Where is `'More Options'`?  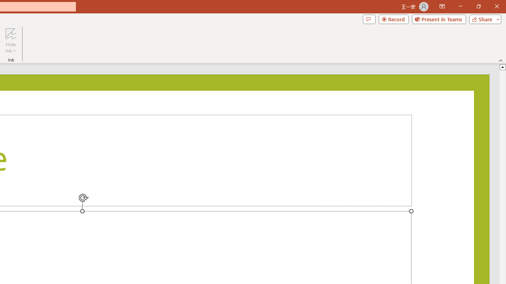 'More Options' is located at coordinates (11, 48).